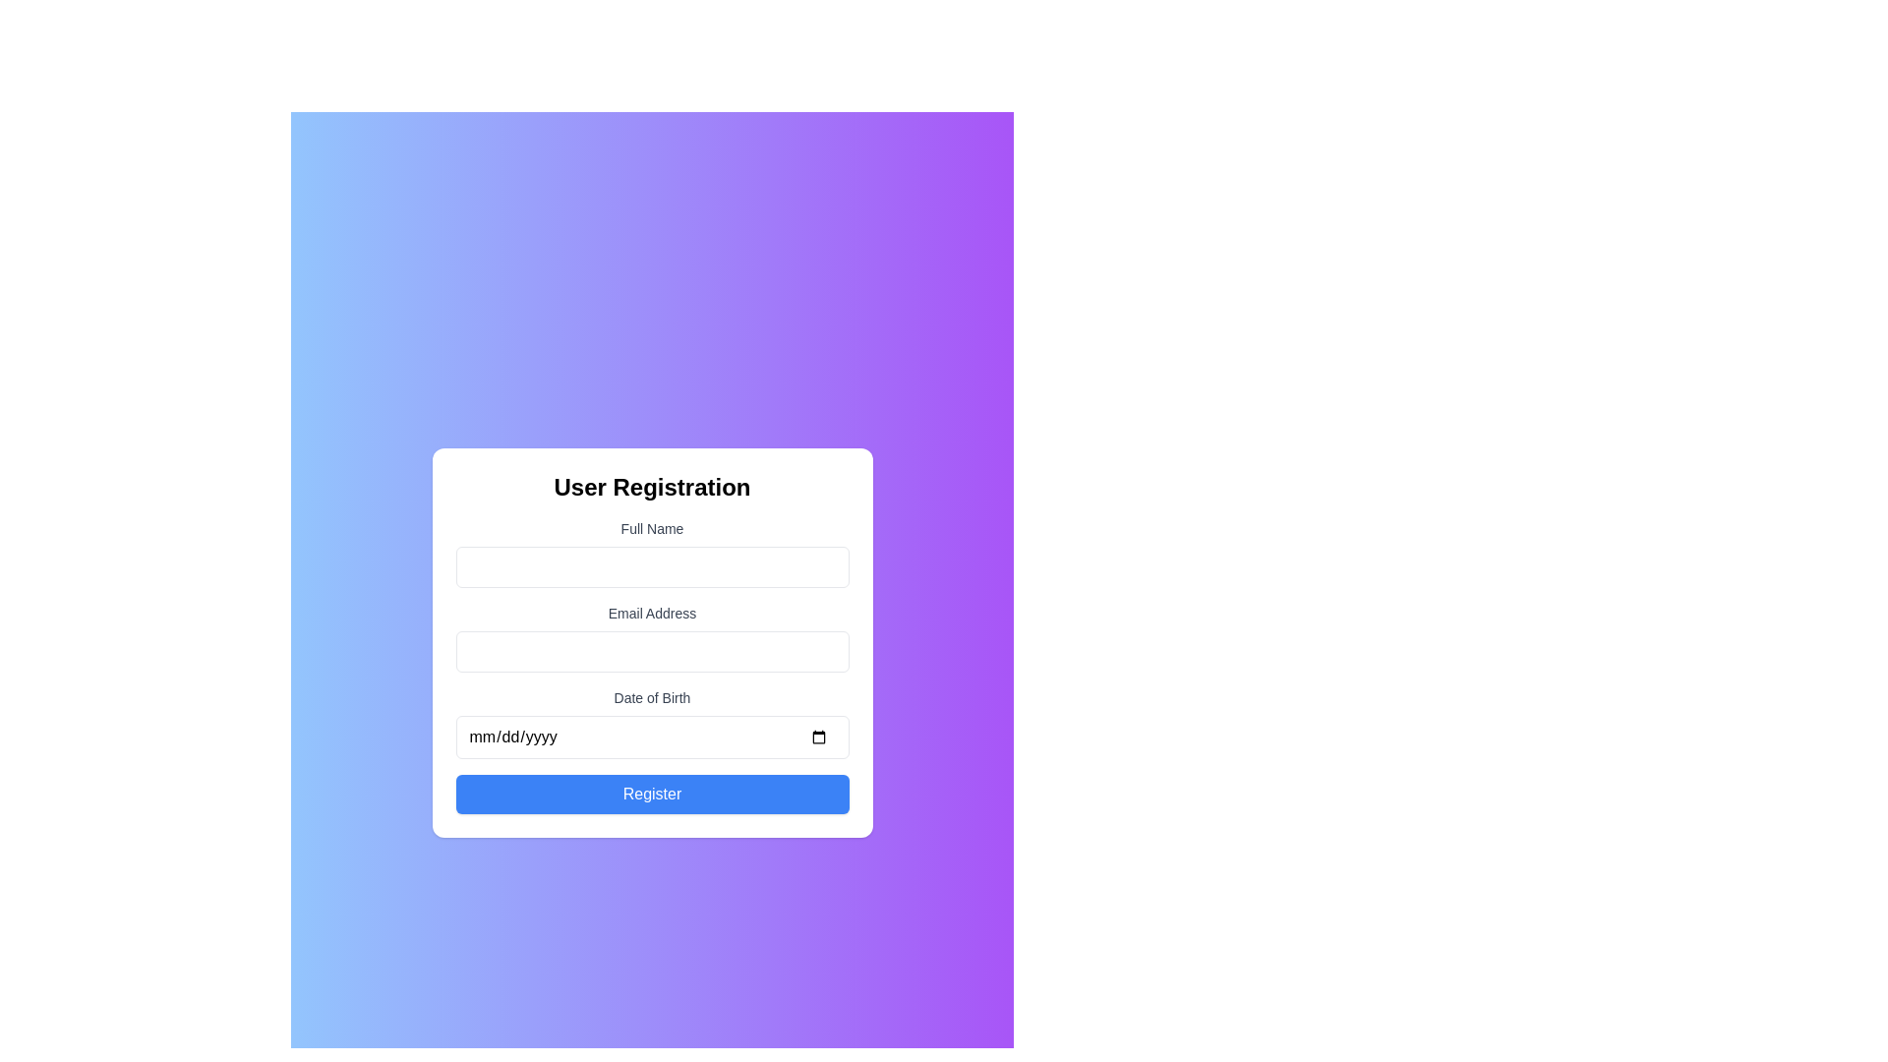 The height and width of the screenshot is (1062, 1888). What do you see at coordinates (652, 643) in the screenshot?
I see `the Form card component located at the center of the page` at bounding box center [652, 643].